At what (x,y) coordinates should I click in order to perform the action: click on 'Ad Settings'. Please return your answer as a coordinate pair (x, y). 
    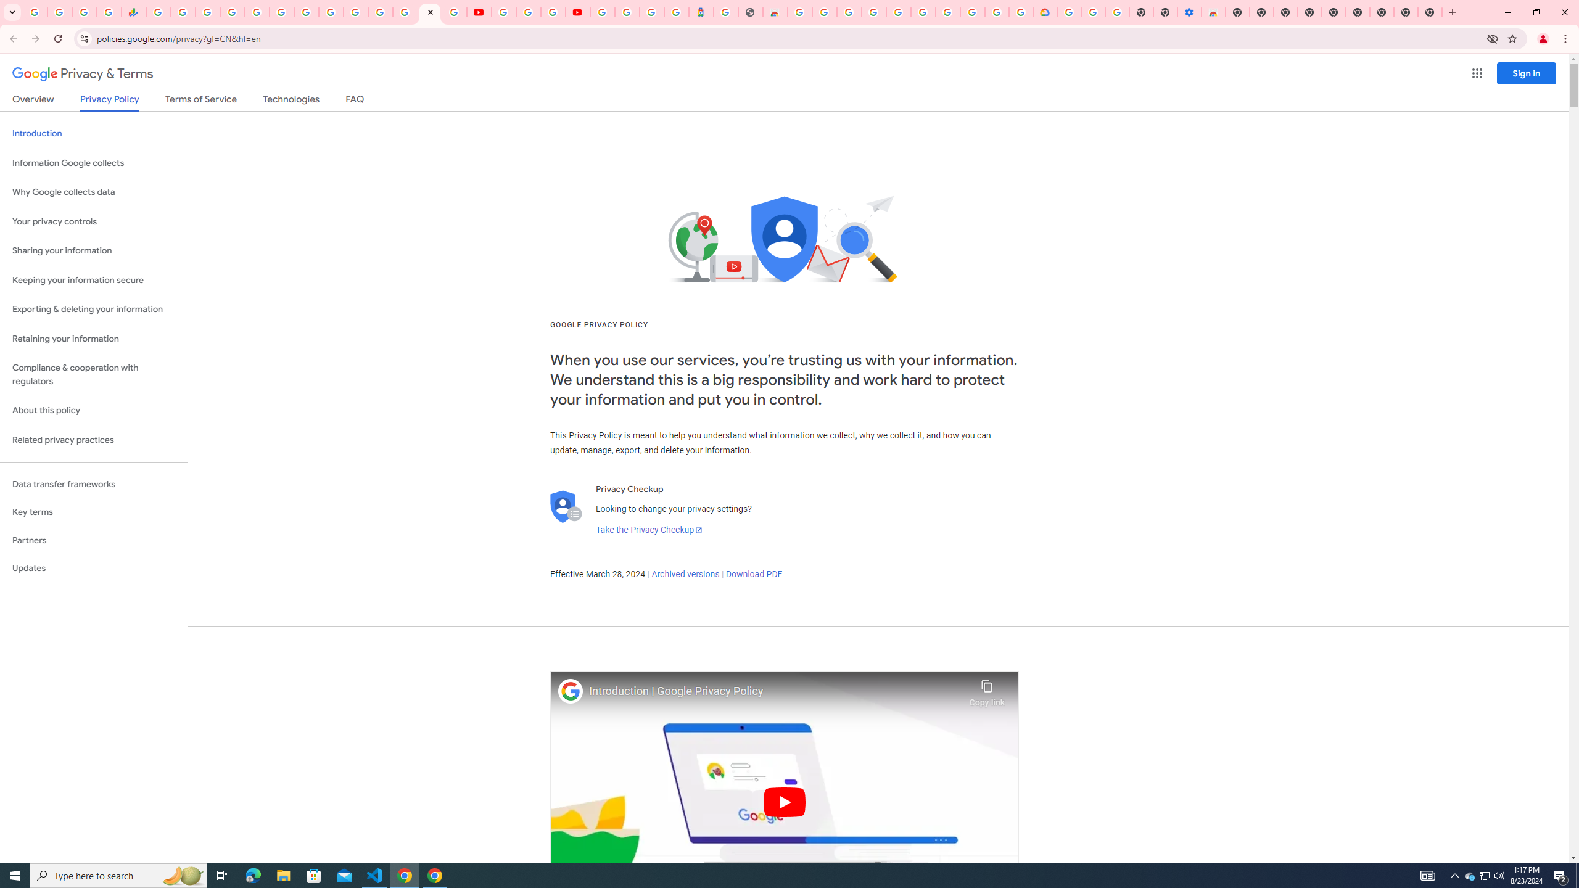
    Looking at the image, I should click on (873, 12).